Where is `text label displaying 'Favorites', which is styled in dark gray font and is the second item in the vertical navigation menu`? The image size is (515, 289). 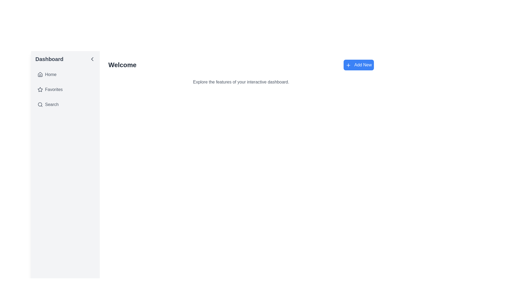
text label displaying 'Favorites', which is styled in dark gray font and is the second item in the vertical navigation menu is located at coordinates (54, 89).